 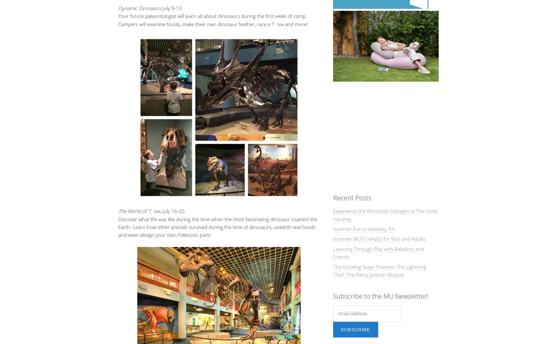 What do you see at coordinates (380, 296) in the screenshot?
I see `'Subscribe to the MU Newsletter!'` at bounding box center [380, 296].